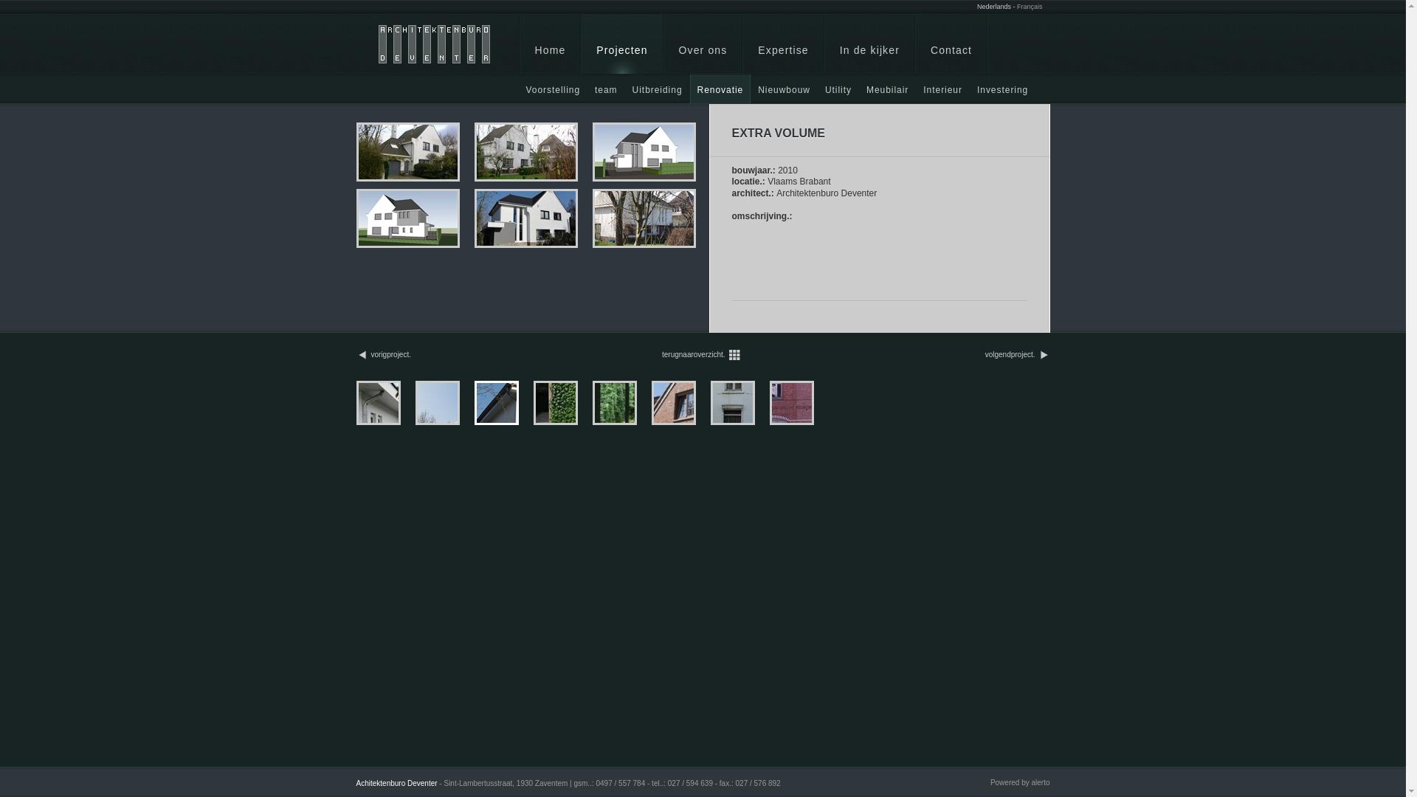 This screenshot has height=797, width=1417. Describe the element at coordinates (693, 355) in the screenshot. I see `'terugnaaroverzicht.'` at that location.